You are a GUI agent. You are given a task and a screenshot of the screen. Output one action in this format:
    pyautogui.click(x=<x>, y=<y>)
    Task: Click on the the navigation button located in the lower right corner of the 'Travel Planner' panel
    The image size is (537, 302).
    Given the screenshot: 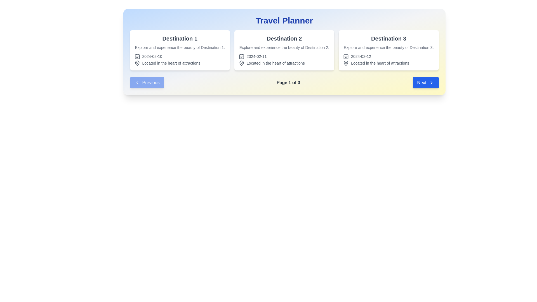 What is the action you would take?
    pyautogui.click(x=425, y=83)
    